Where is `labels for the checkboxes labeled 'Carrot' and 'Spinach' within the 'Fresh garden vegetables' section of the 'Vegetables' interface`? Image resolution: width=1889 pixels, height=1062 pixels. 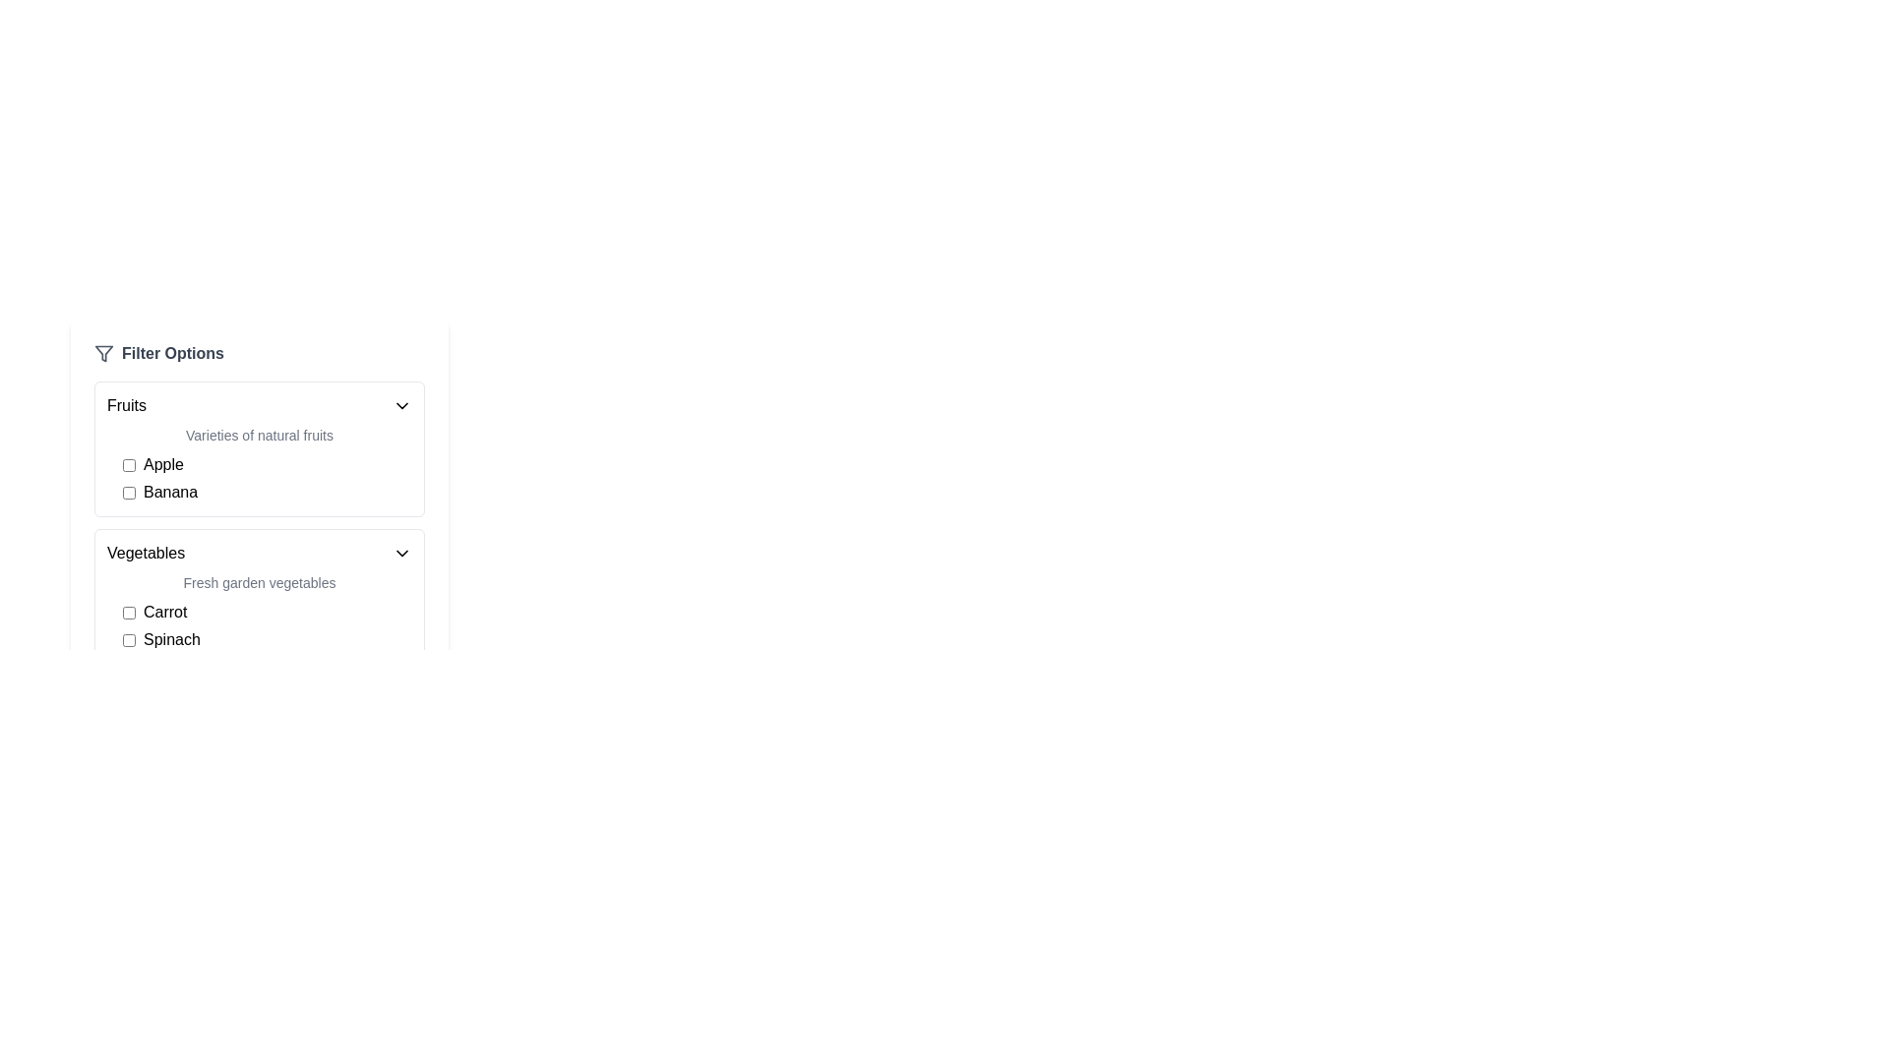
labels for the checkboxes labeled 'Carrot' and 'Spinach' within the 'Fresh garden vegetables' section of the 'Vegetables' interface is located at coordinates (259, 625).